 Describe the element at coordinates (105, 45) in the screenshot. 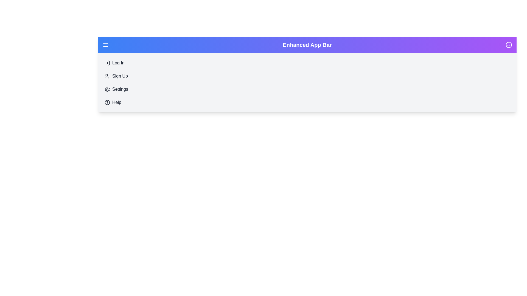

I see `menu button to toggle the menu visibility` at that location.